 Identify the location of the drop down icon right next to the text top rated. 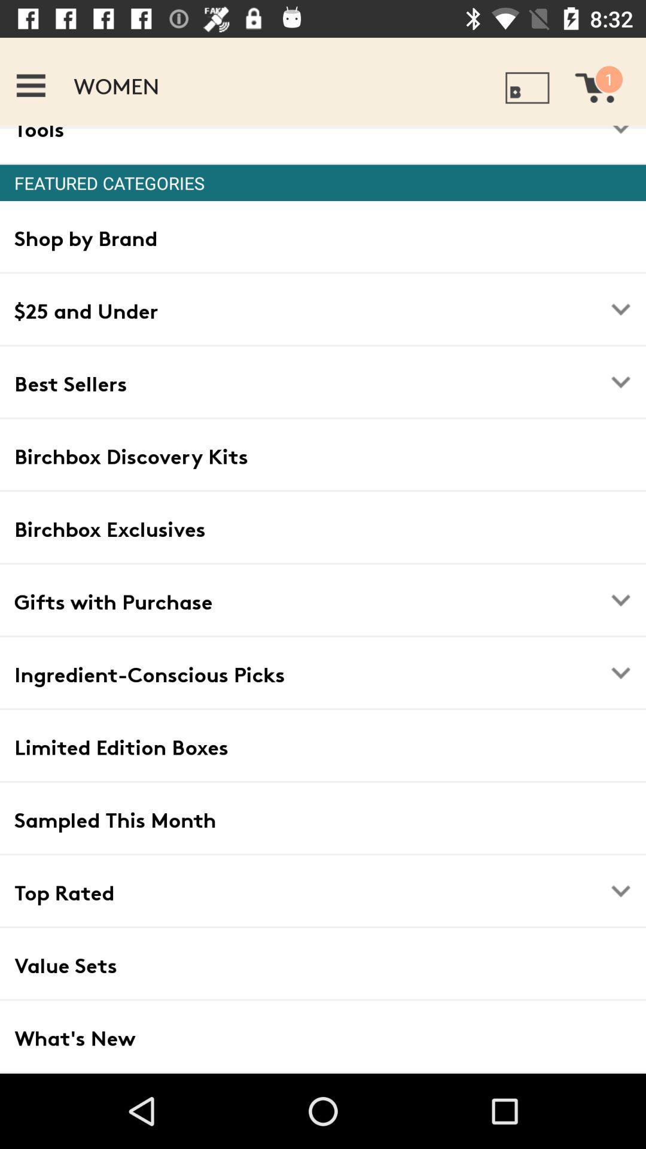
(620, 890).